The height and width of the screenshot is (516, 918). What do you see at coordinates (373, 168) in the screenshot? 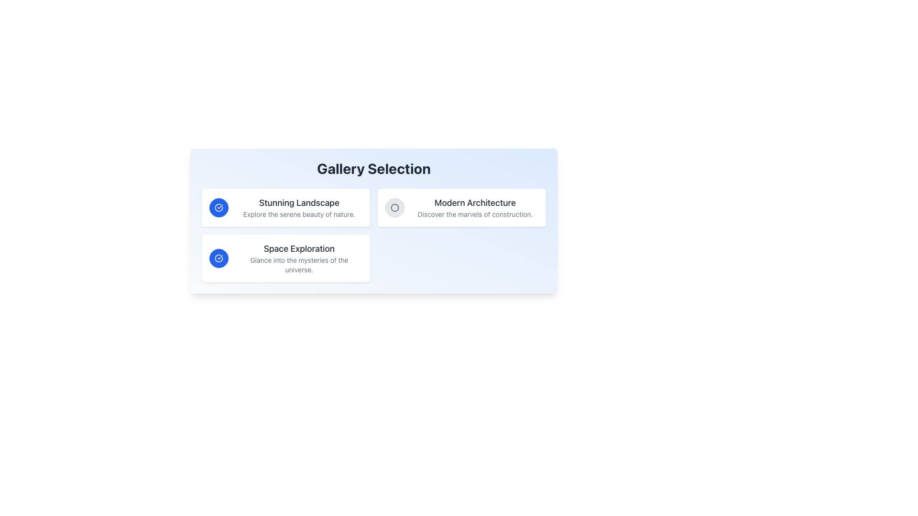
I see `Heading text that indicates the section's purpose for selecting a gallery, located at the center top of the card-like structure` at bounding box center [373, 168].